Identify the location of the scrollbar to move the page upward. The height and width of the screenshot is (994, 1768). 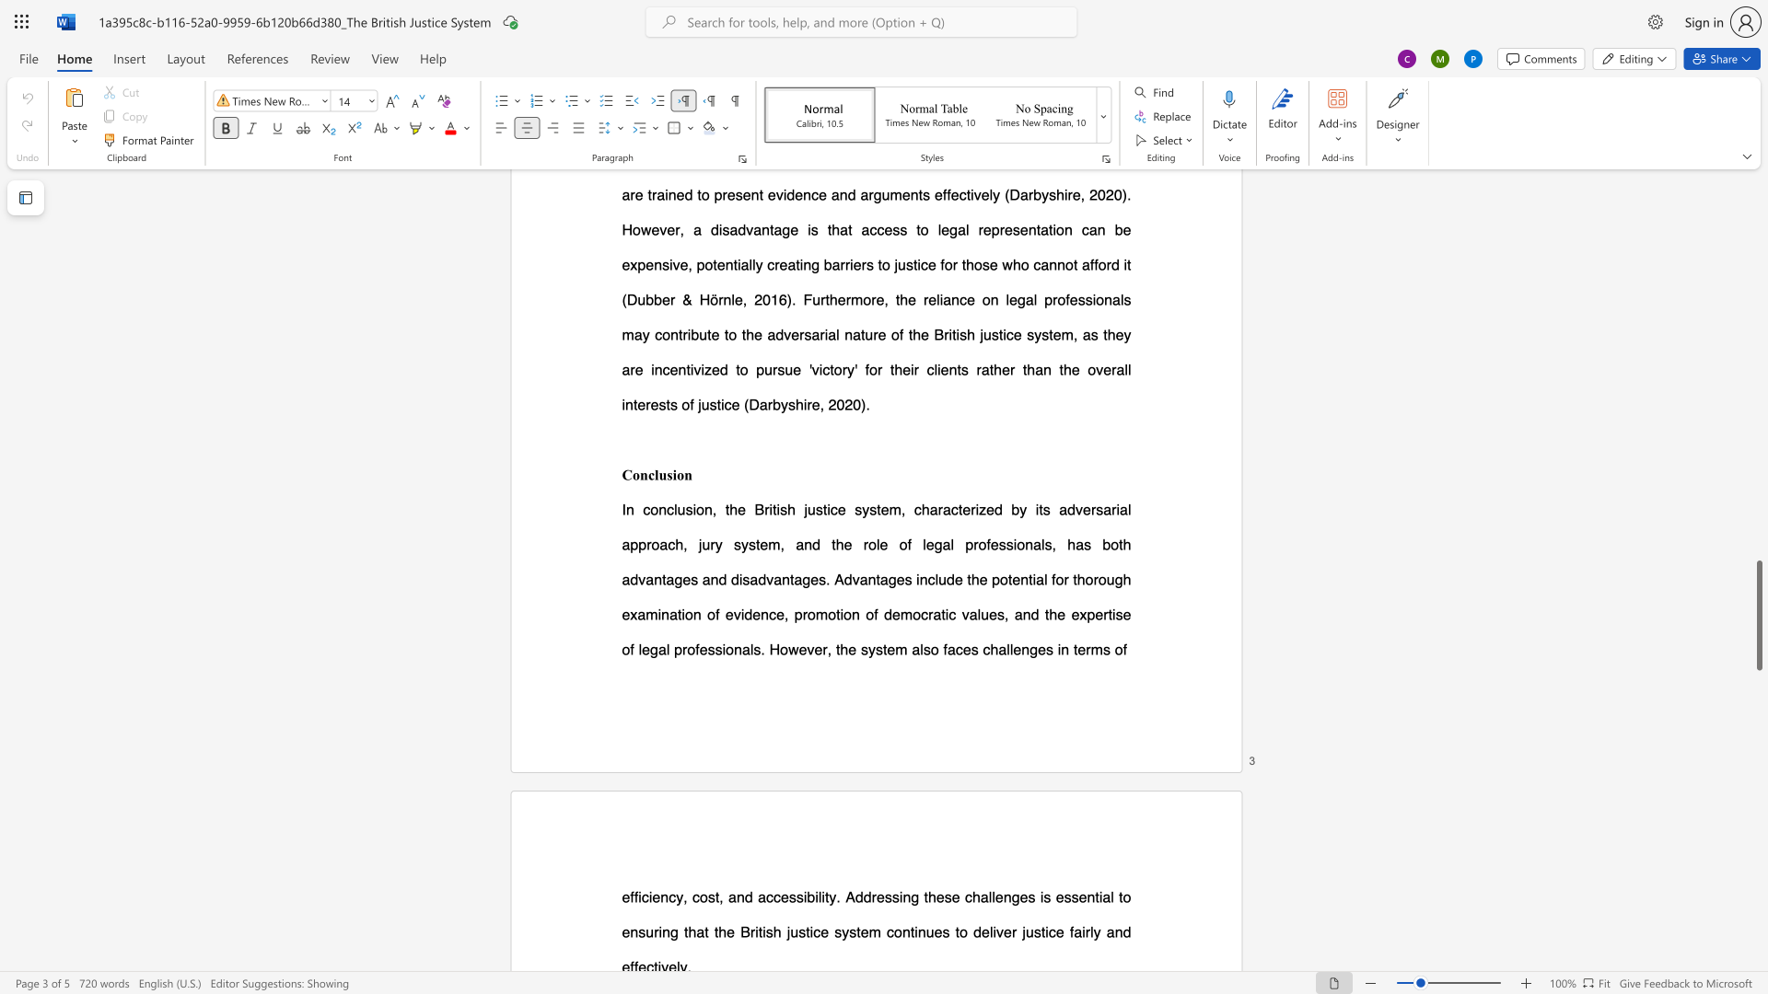
(1758, 329).